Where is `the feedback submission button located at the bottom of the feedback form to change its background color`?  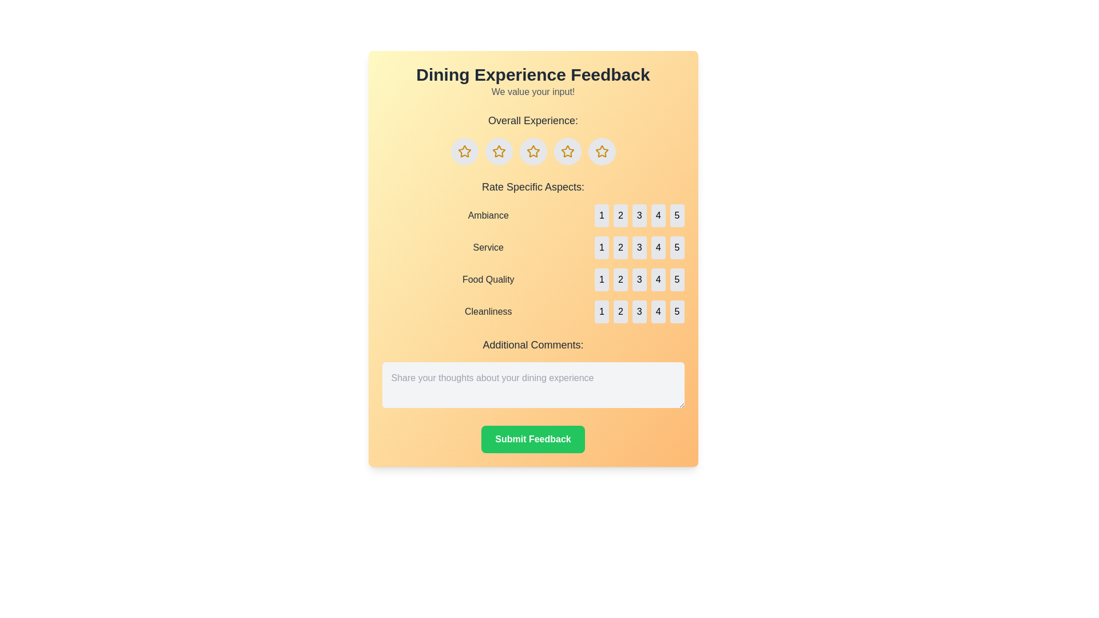 the feedback submission button located at the bottom of the feedback form to change its background color is located at coordinates (532, 438).